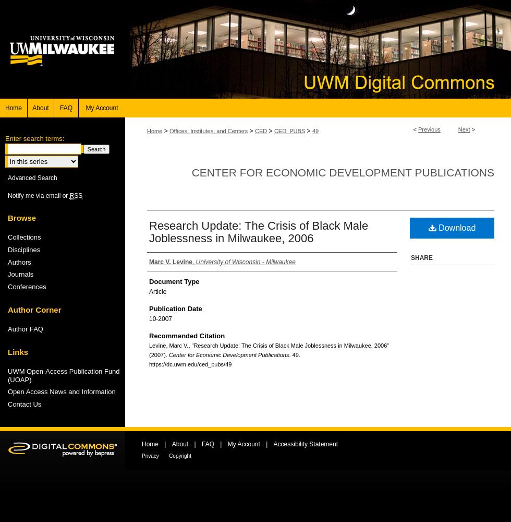 This screenshot has height=522, width=511. What do you see at coordinates (306, 444) in the screenshot?
I see `'Accessibility Statement'` at bounding box center [306, 444].